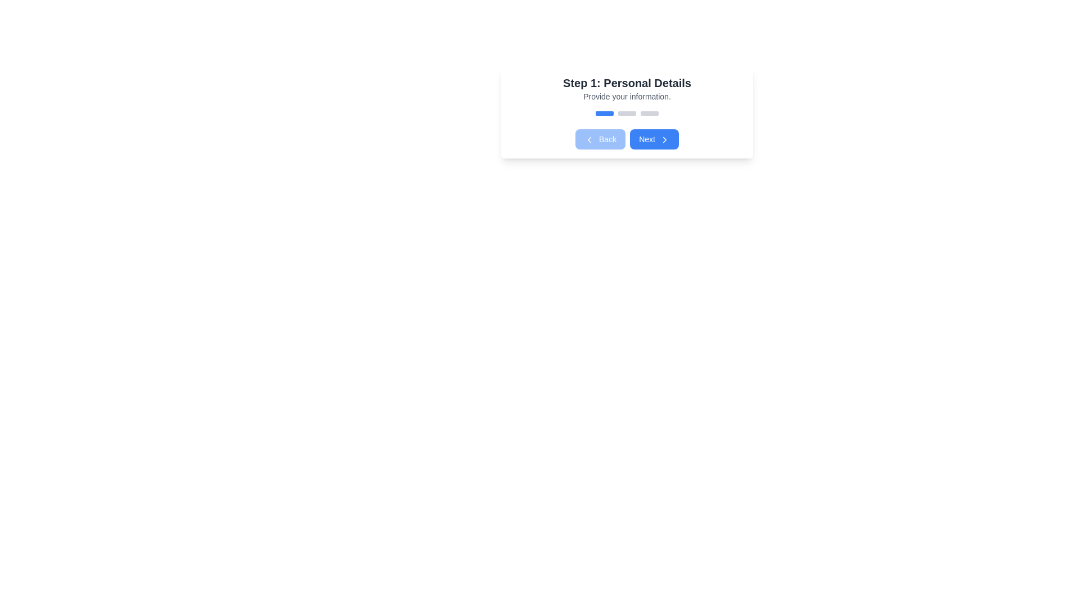 The image size is (1080, 607). I want to click on the third rectangle in the progress bar step indicator representing the last step of the multi-step process, which is currently inactive and styled in gray, so click(650, 113).